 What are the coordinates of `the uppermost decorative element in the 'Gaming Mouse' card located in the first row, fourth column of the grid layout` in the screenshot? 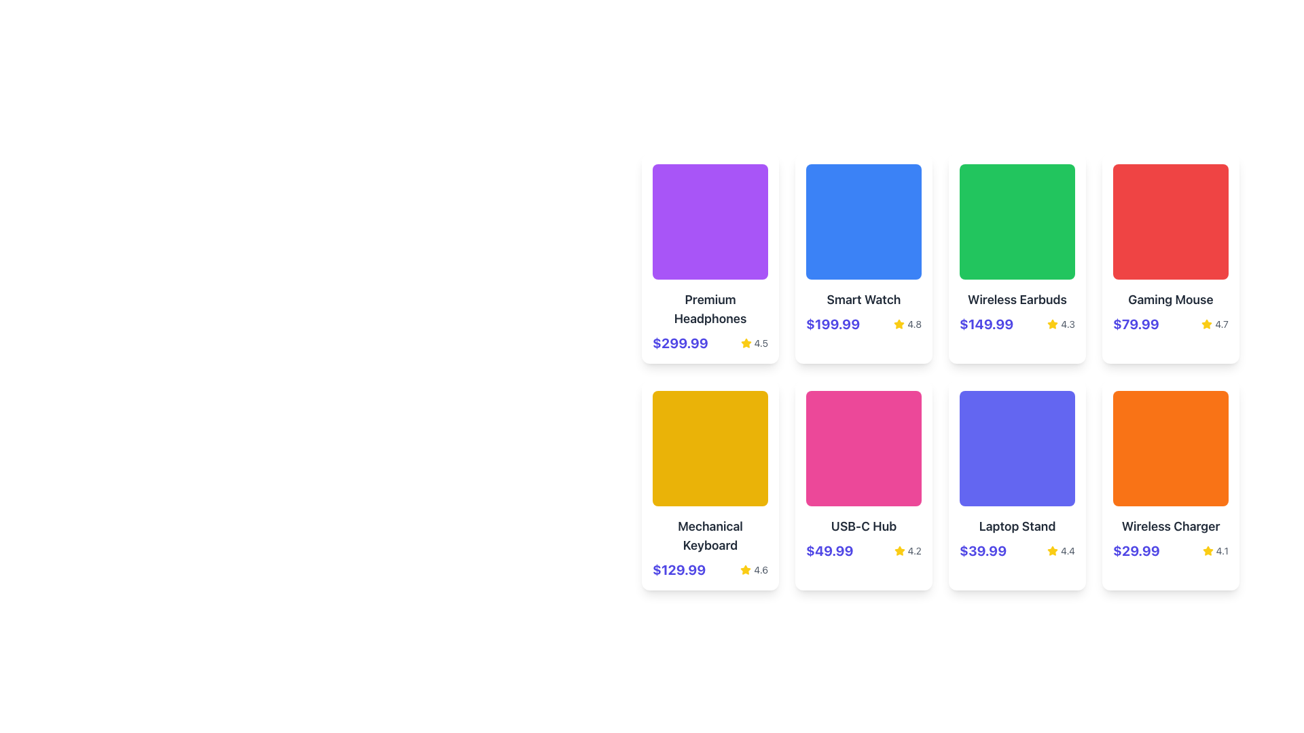 It's located at (1170, 221).